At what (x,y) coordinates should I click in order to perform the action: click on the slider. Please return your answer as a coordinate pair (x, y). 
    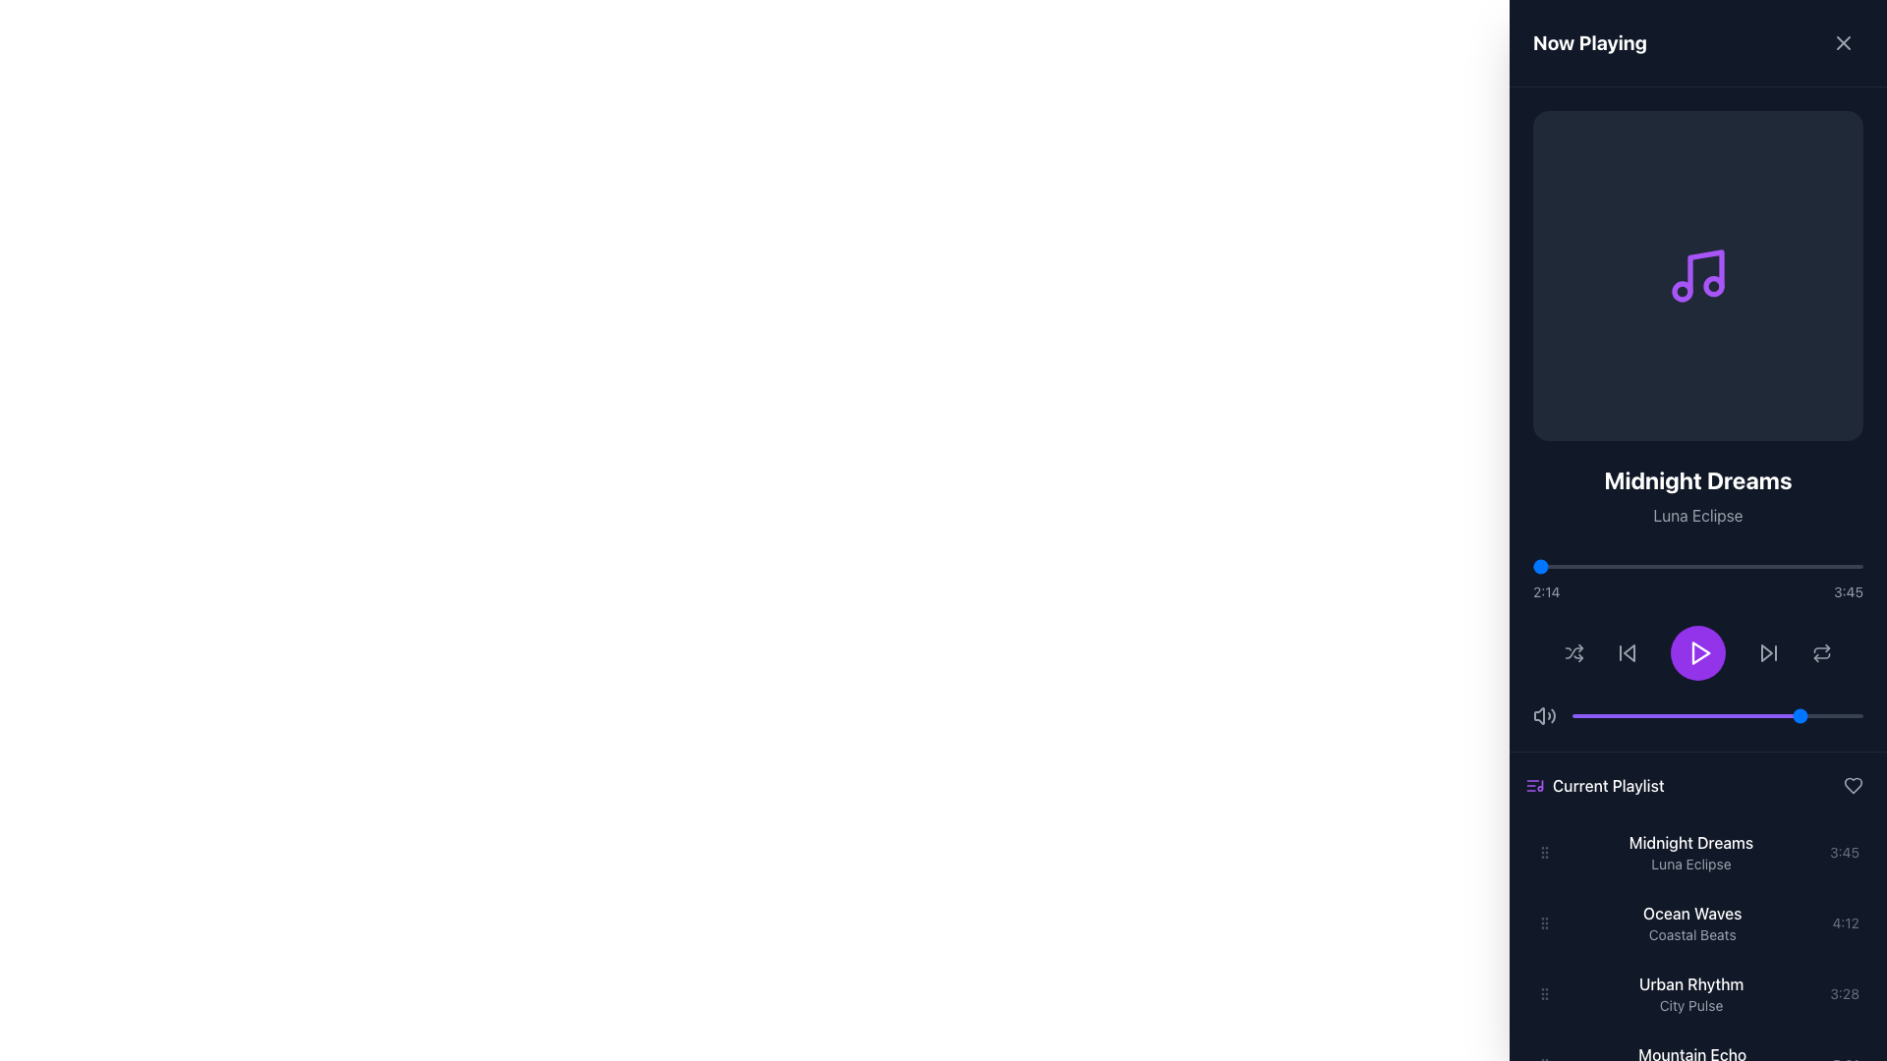
    Looking at the image, I should click on (1791, 716).